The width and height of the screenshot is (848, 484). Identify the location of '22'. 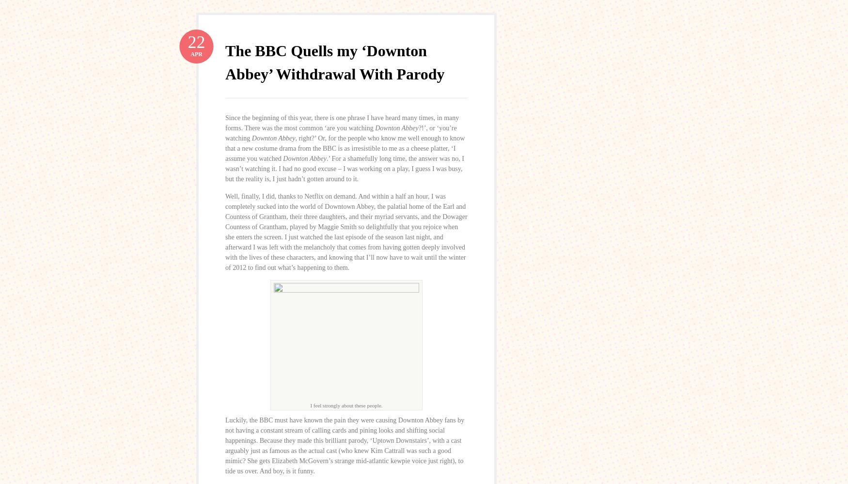
(195, 41).